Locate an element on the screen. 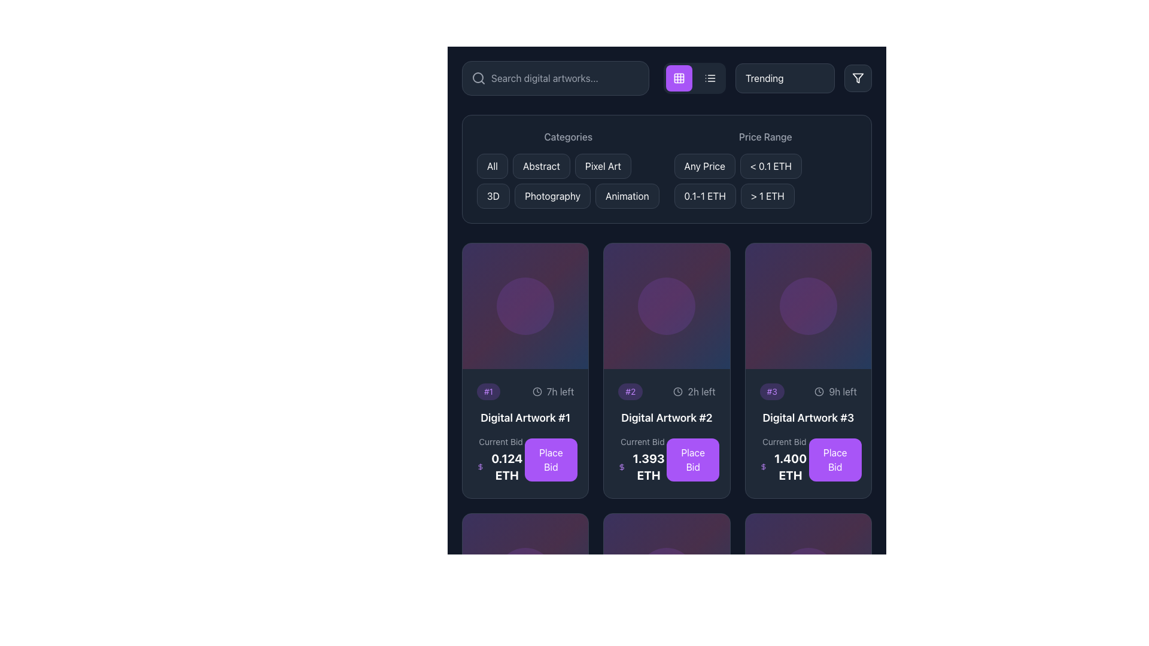  the decorative vector graphic of the filter icon located in the upper-right corner of the interface's header section, adjacent to the 'Trending' button is located at coordinates (858, 78).